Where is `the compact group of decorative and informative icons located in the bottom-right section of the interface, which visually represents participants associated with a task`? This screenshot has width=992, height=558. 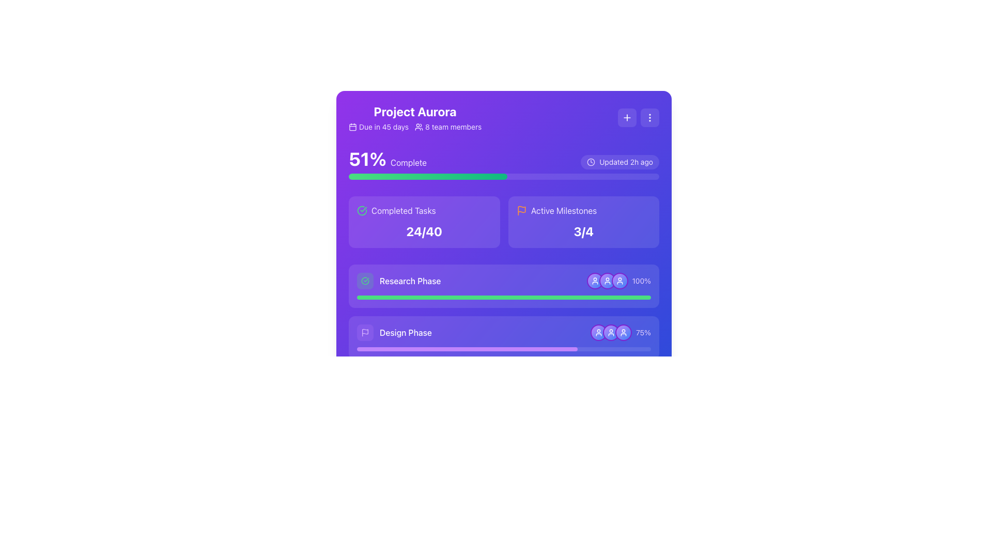 the compact group of decorative and informative icons located in the bottom-right section of the interface, which visually represents participants associated with a task is located at coordinates (615, 436).